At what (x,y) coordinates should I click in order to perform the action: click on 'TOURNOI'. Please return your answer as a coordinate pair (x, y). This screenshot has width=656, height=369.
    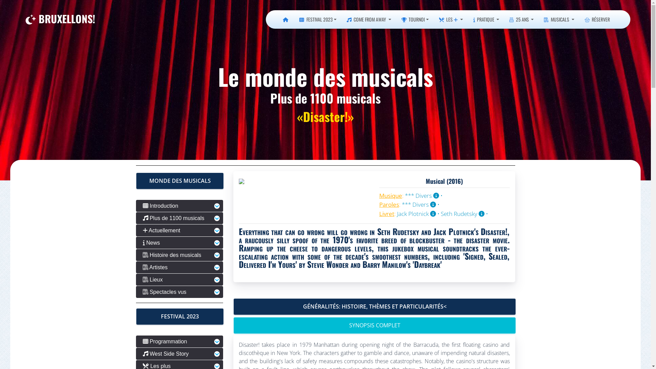
    Looking at the image, I should click on (414, 19).